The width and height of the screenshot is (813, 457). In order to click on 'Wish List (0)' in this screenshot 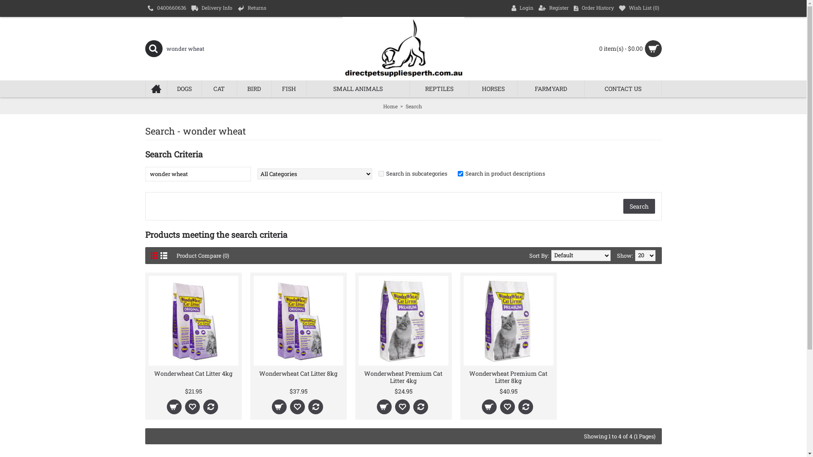, I will do `click(639, 8)`.